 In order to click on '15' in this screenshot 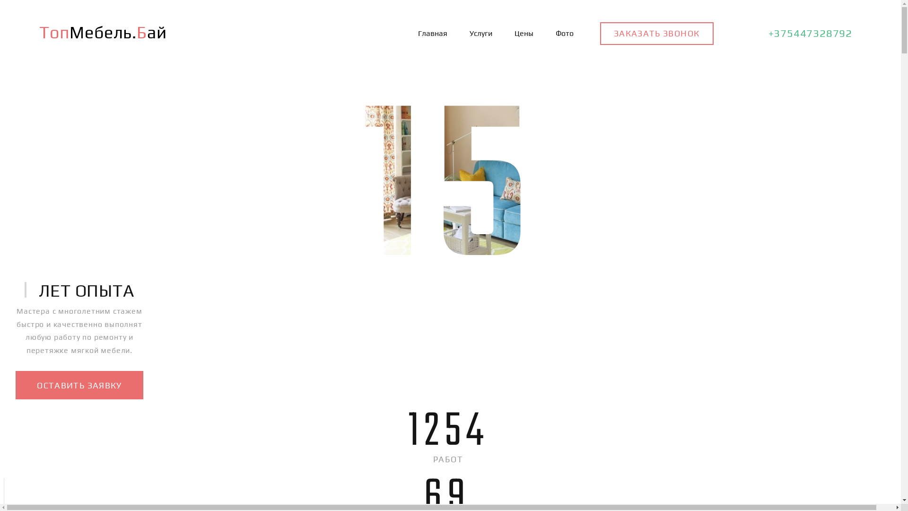, I will do `click(450, 181)`.